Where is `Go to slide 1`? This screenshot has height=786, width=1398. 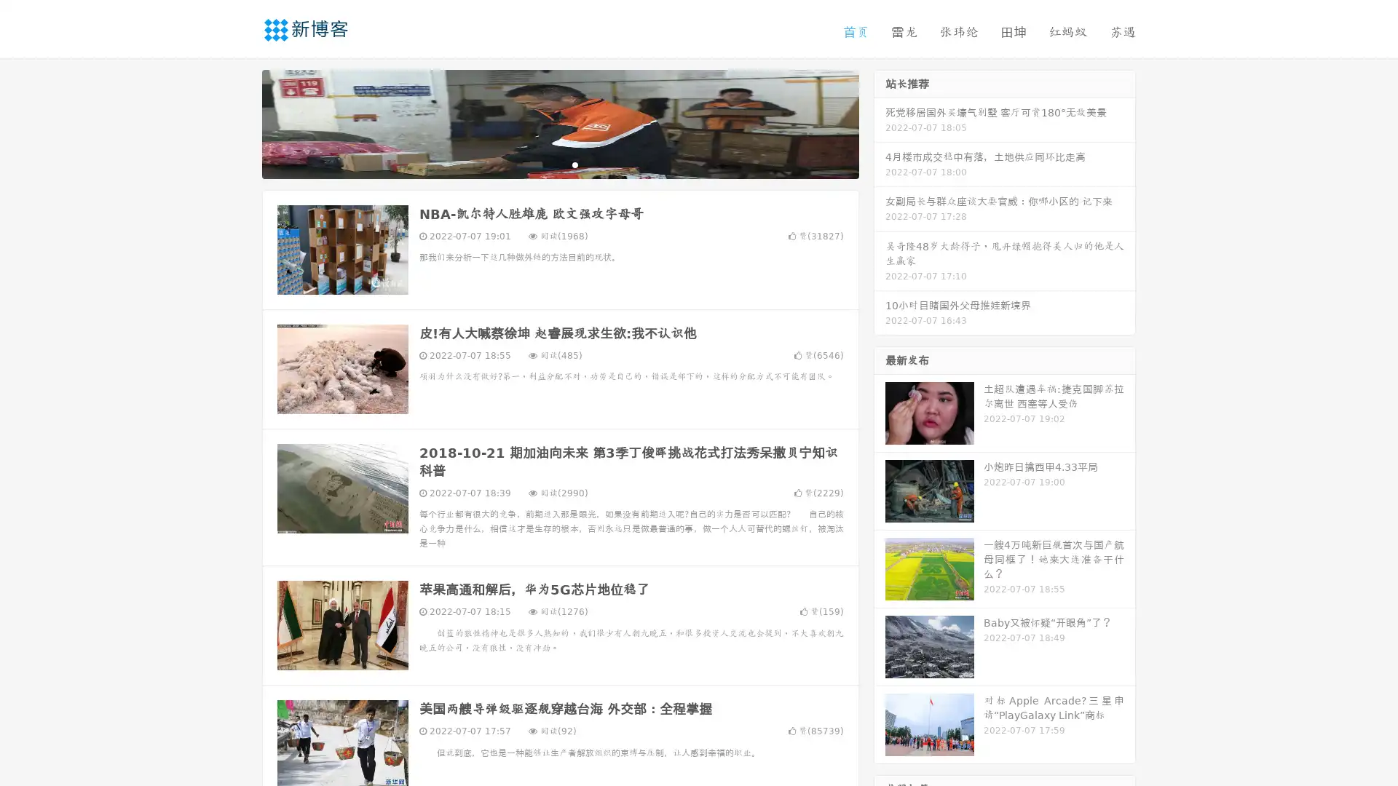
Go to slide 1 is located at coordinates (545, 164).